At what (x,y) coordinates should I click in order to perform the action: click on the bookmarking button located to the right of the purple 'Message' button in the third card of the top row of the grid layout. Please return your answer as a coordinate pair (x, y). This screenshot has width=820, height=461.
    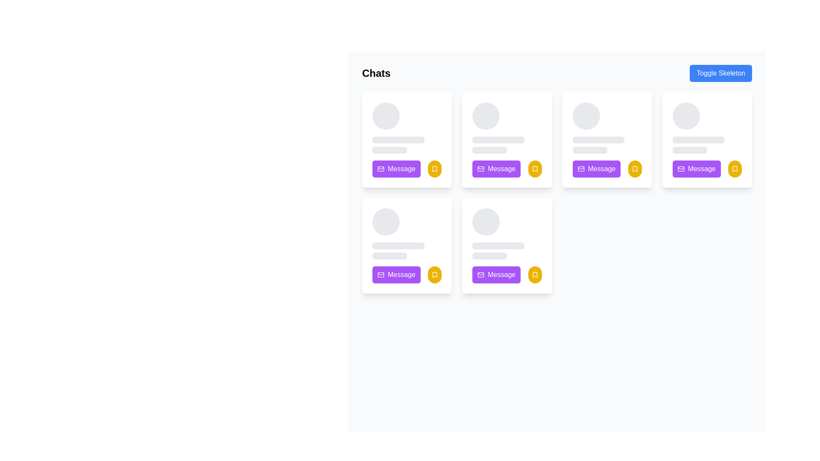
    Looking at the image, I should click on (635, 169).